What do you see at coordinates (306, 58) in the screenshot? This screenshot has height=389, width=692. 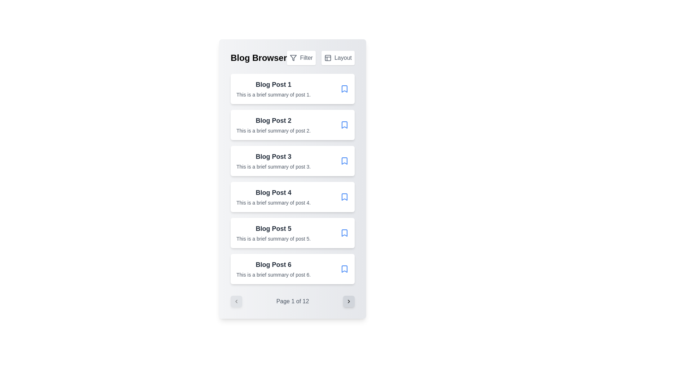 I see `the text label indicating the functionality of the filter button located centrally in the top bar of the interface` at bounding box center [306, 58].